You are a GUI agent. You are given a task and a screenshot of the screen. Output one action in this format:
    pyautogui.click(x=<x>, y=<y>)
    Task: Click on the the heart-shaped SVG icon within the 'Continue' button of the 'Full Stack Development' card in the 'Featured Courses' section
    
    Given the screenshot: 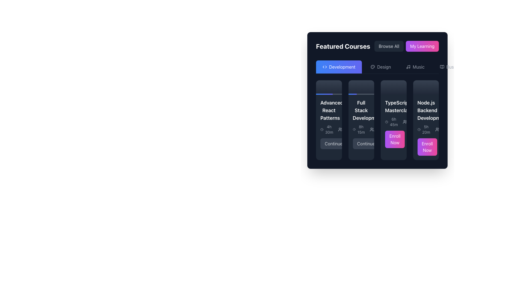 What is the action you would take?
    pyautogui.click(x=352, y=143)
    